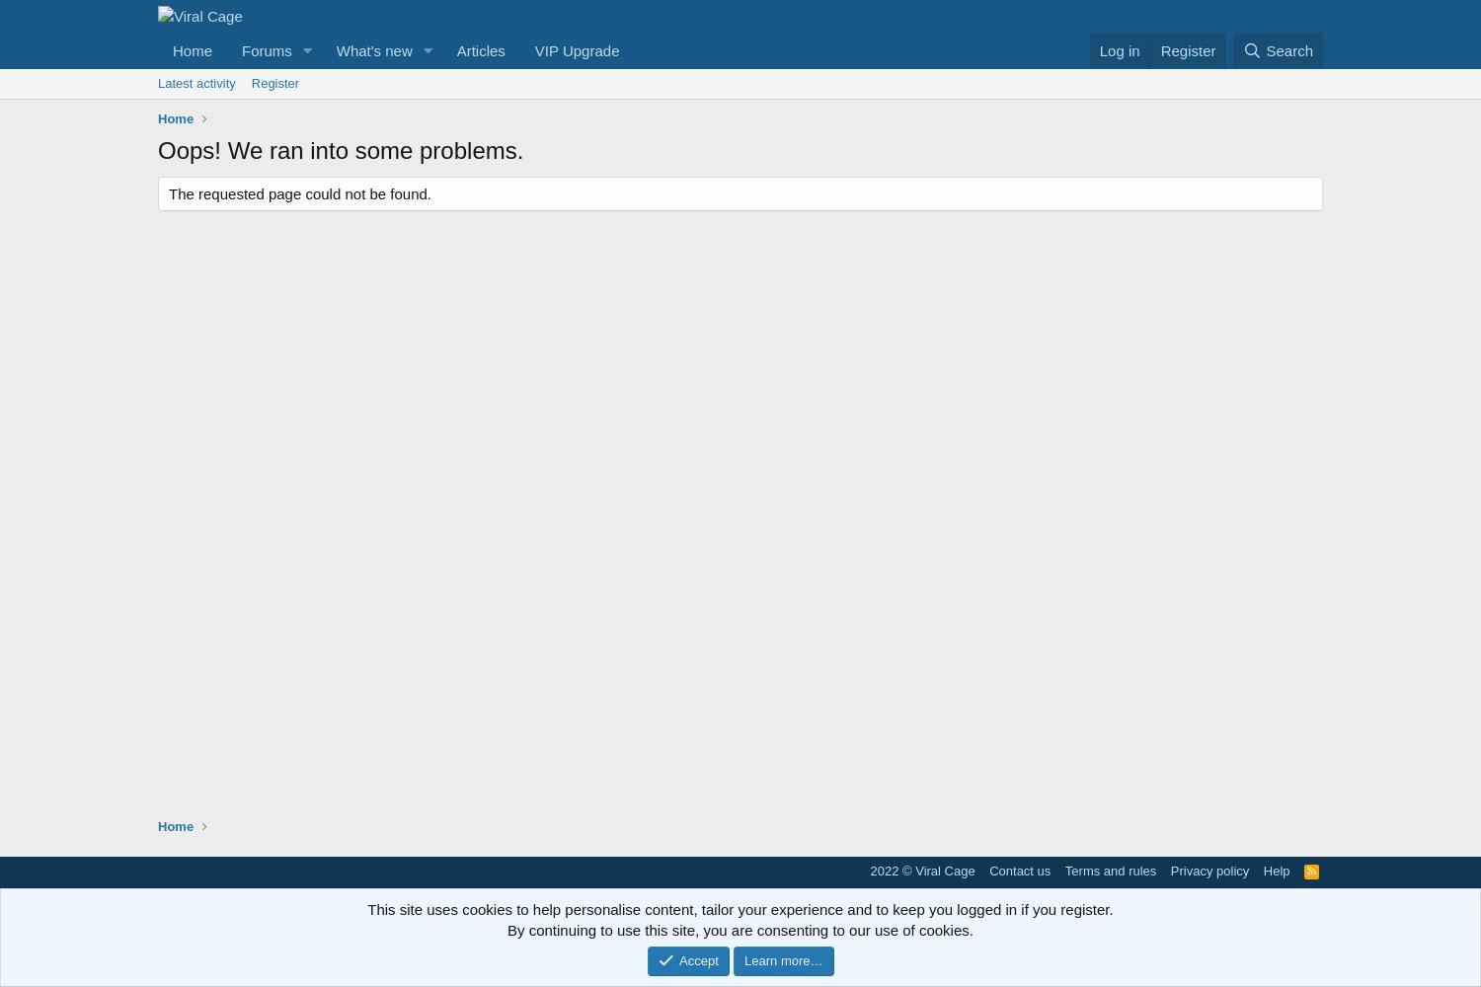  Describe the element at coordinates (922, 870) in the screenshot. I see `'2022 © Viral Cage'` at that location.